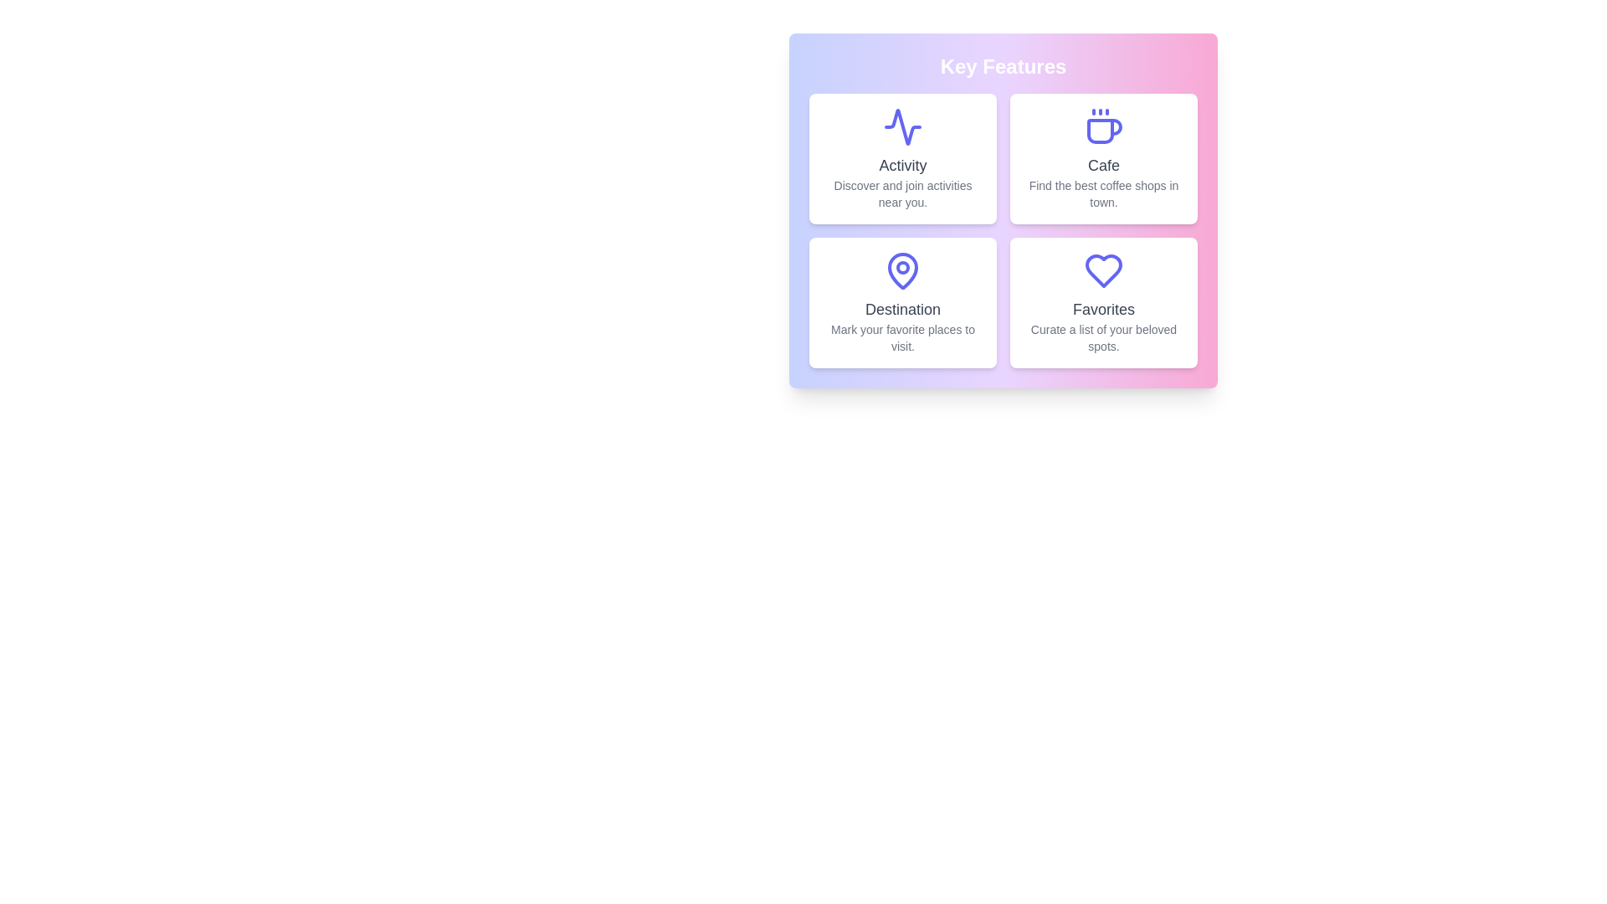 The height and width of the screenshot is (904, 1607). What do you see at coordinates (1104, 303) in the screenshot?
I see `the feature card for Favorites` at bounding box center [1104, 303].